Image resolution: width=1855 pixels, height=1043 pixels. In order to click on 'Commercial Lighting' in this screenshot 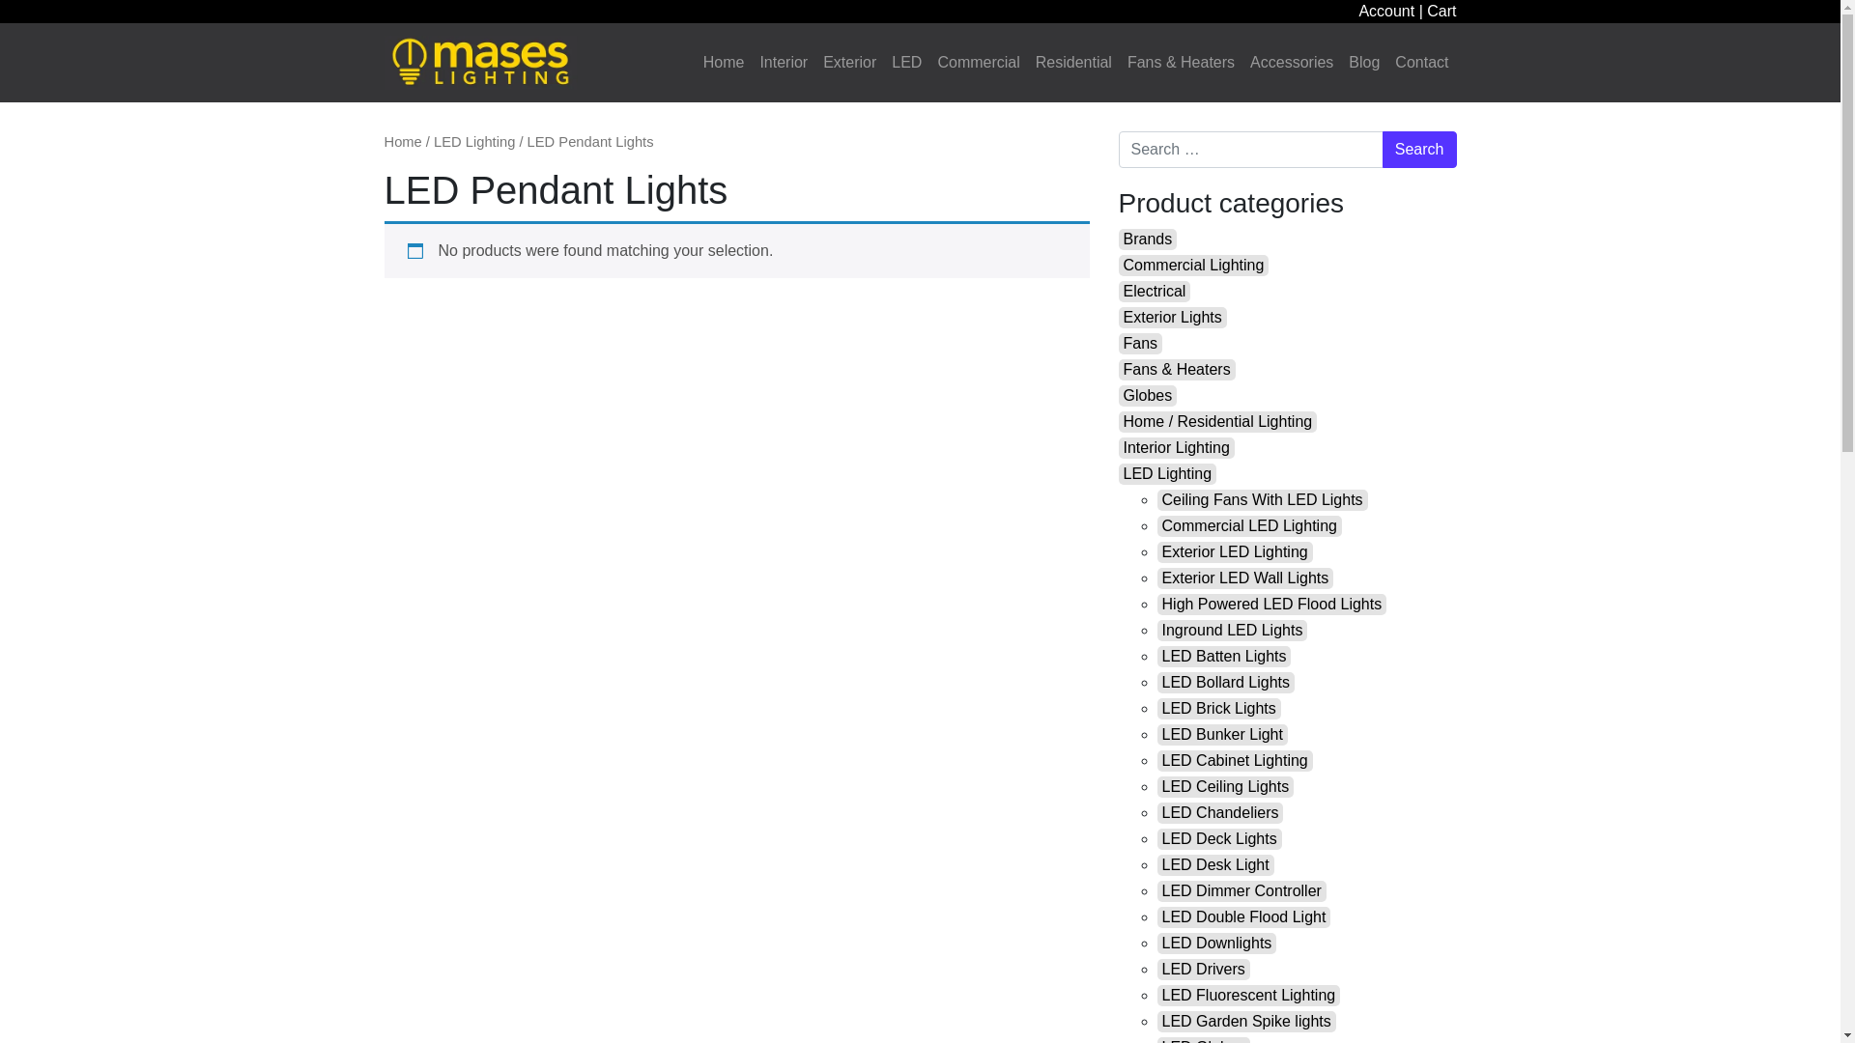, I will do `click(1193, 265)`.